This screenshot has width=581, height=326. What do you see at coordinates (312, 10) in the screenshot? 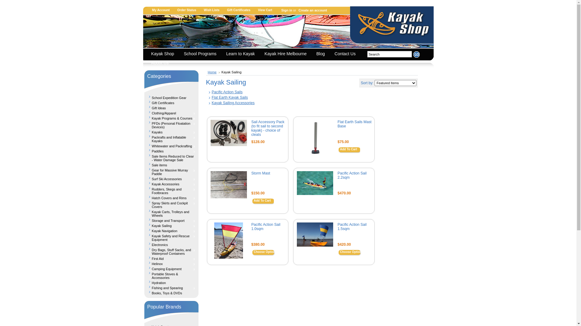
I see `'Create an account'` at bounding box center [312, 10].